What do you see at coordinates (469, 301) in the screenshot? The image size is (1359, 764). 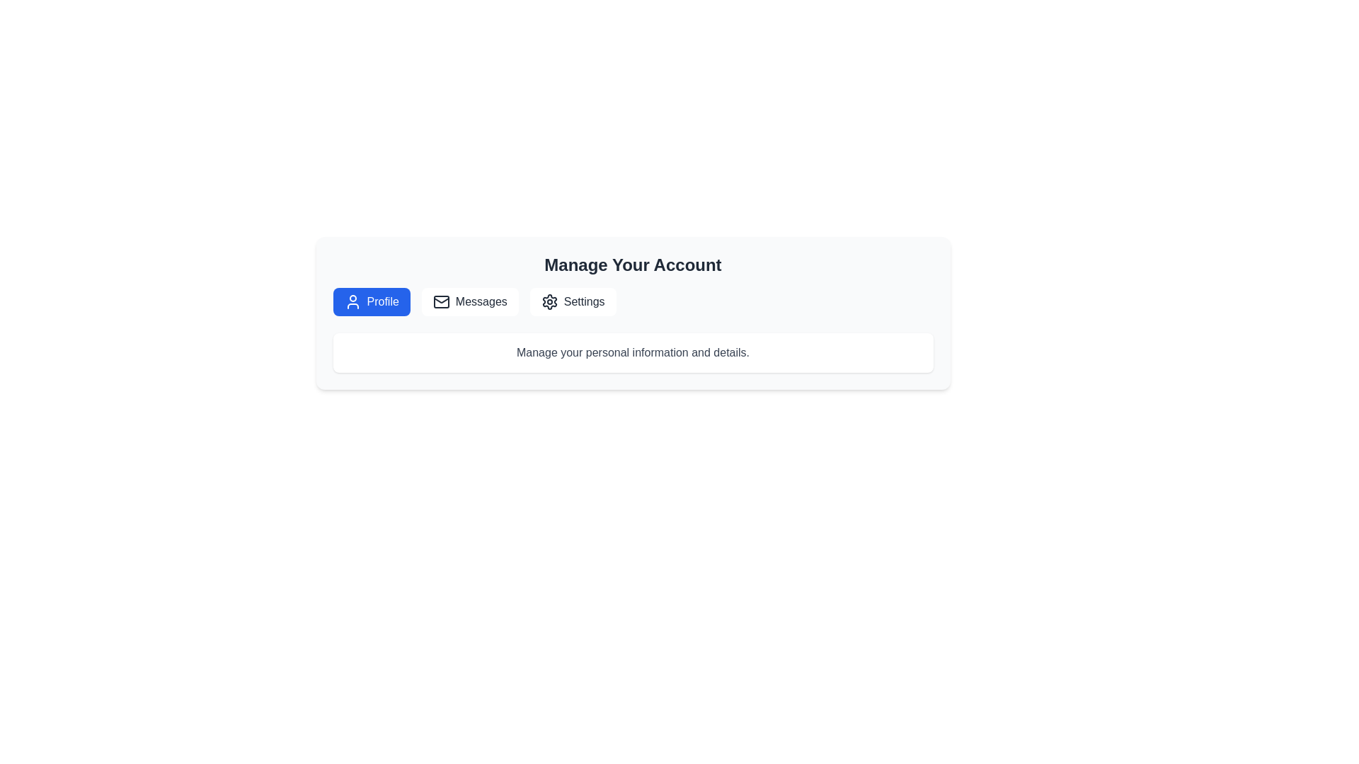 I see `the second button, which navigates to the Messages section, located between the Profile and Settings buttons` at bounding box center [469, 301].